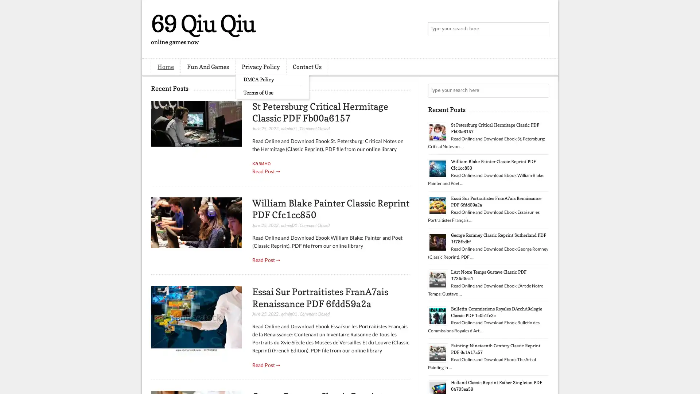 The height and width of the screenshot is (394, 700). I want to click on Search, so click(541, 29).